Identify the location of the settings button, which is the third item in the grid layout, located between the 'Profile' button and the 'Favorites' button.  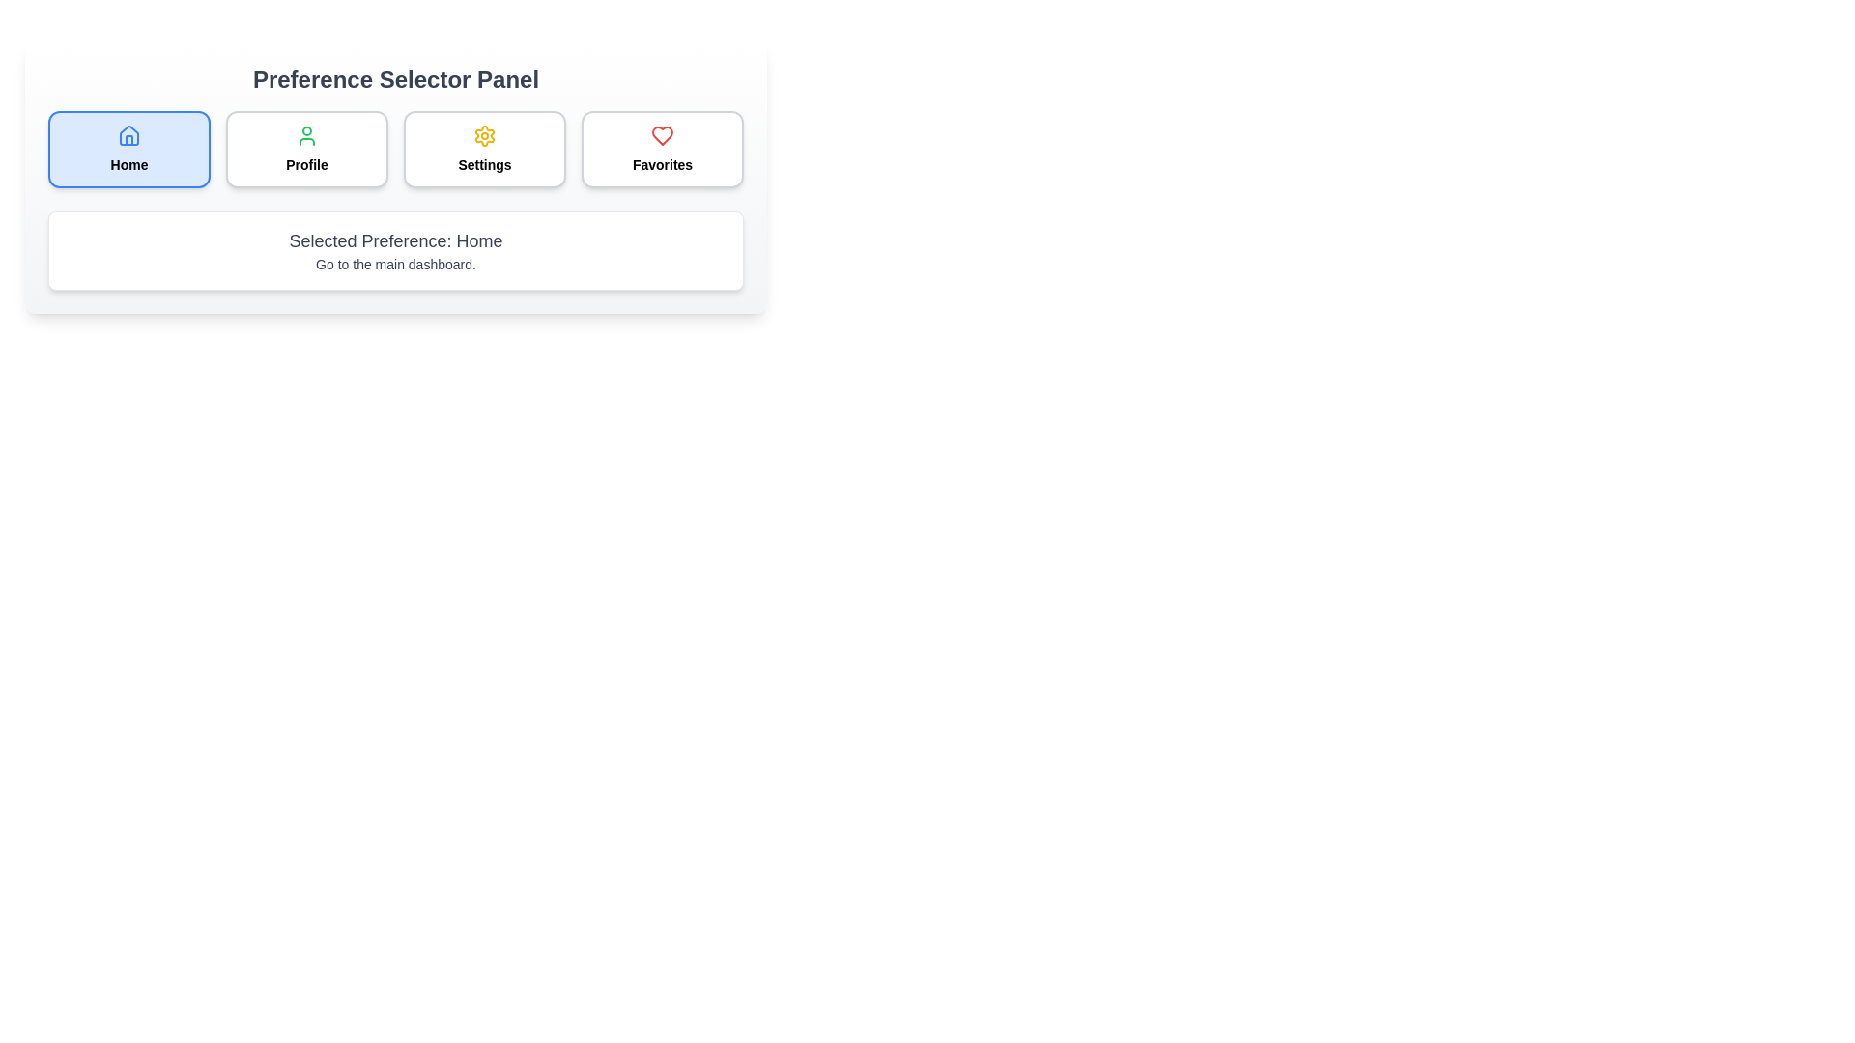
(485, 148).